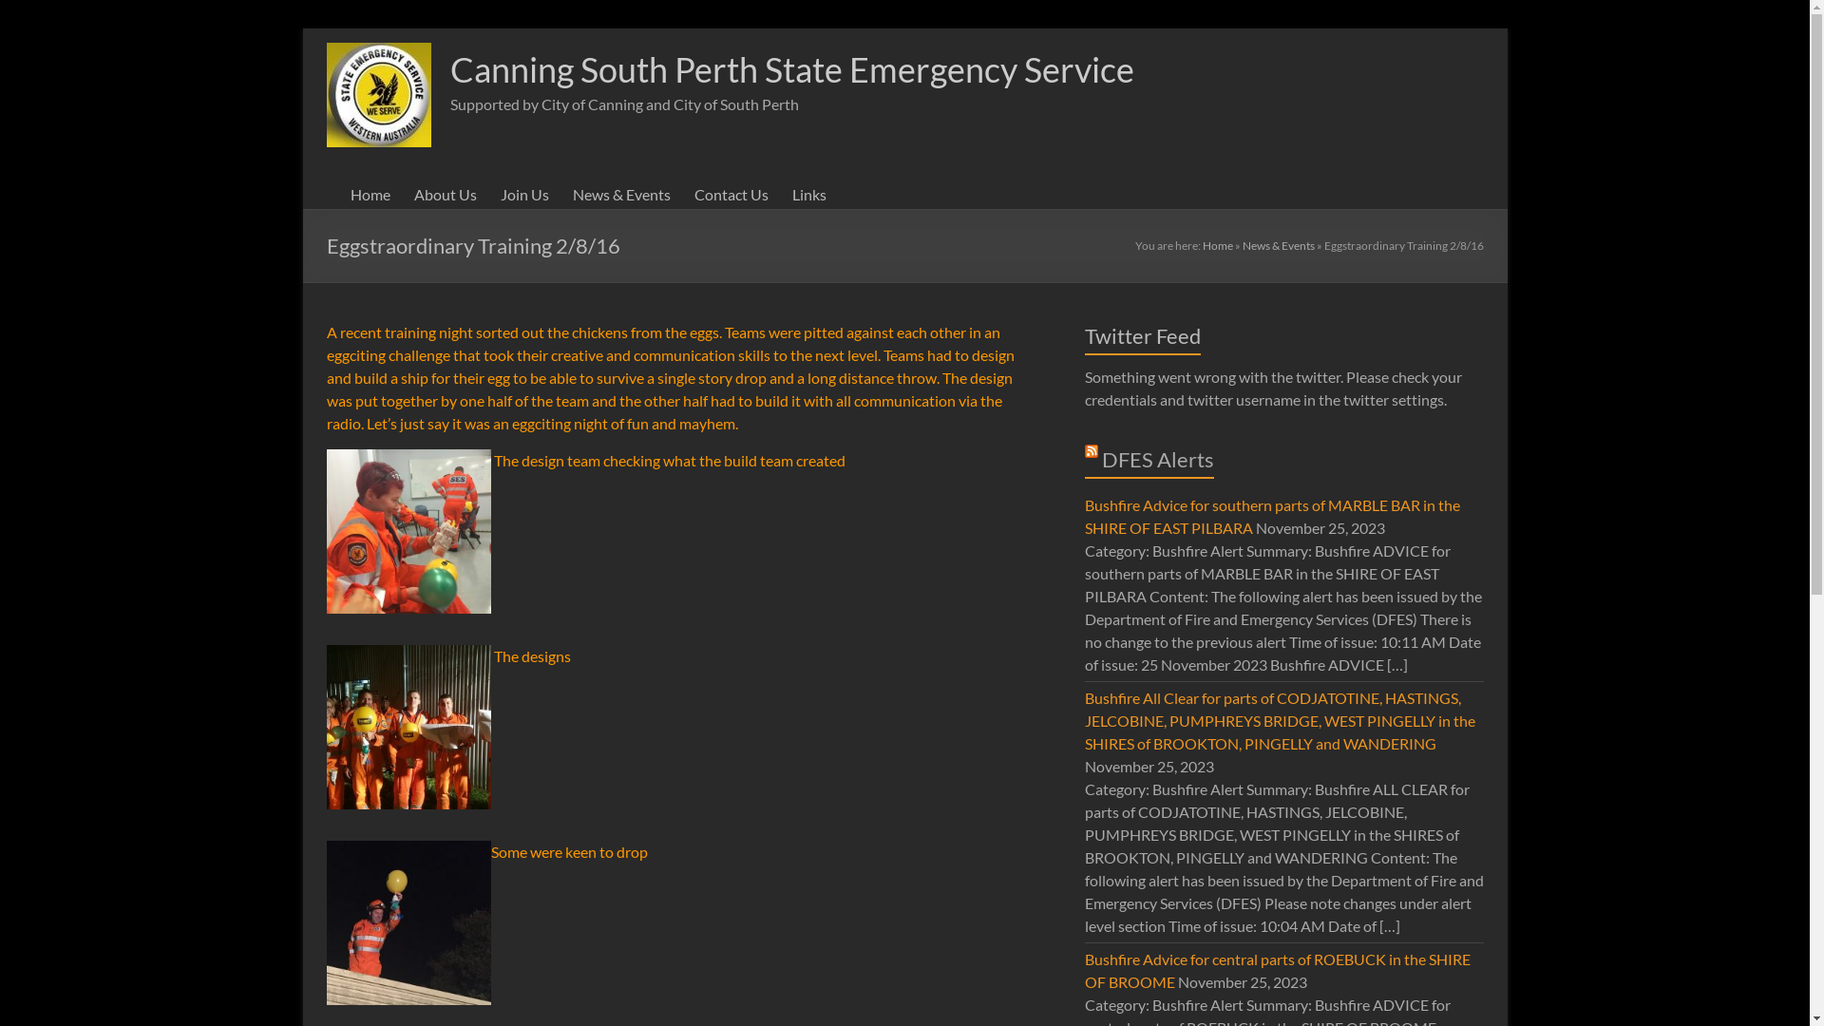  What do you see at coordinates (808, 194) in the screenshot?
I see `'Links'` at bounding box center [808, 194].